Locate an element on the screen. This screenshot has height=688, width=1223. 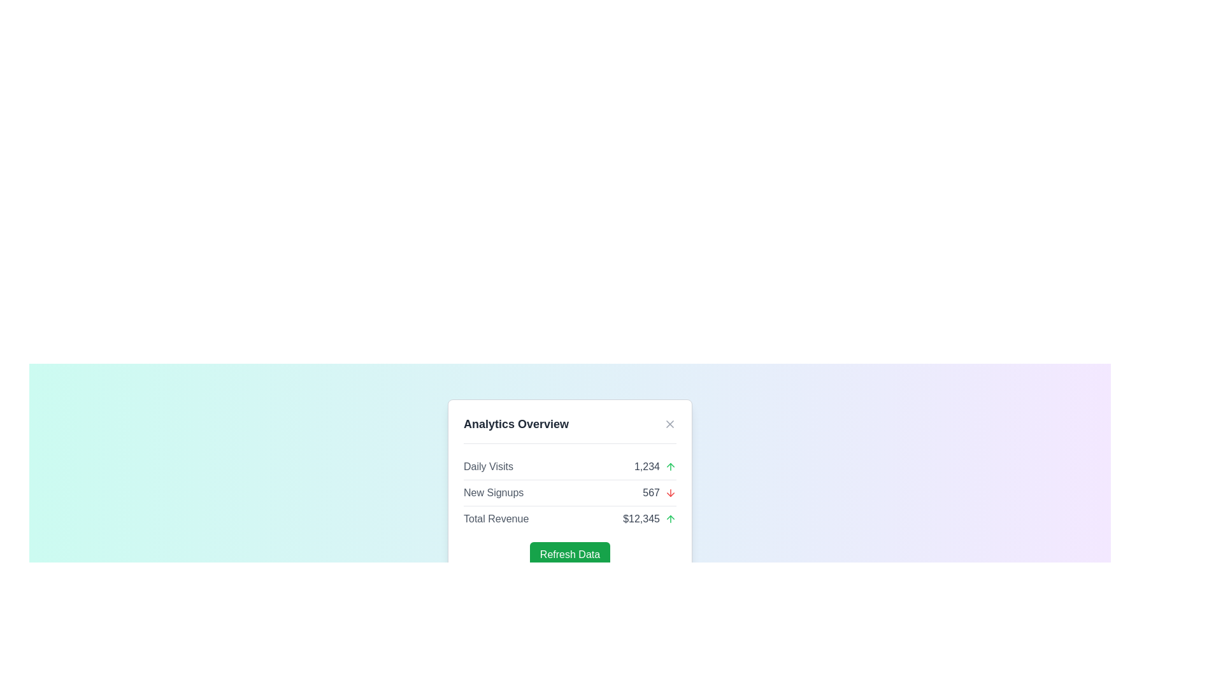
the Text Display showing '$12,345' under 'Total Revenue' in the 'Analytics Overview' section is located at coordinates (641, 519).